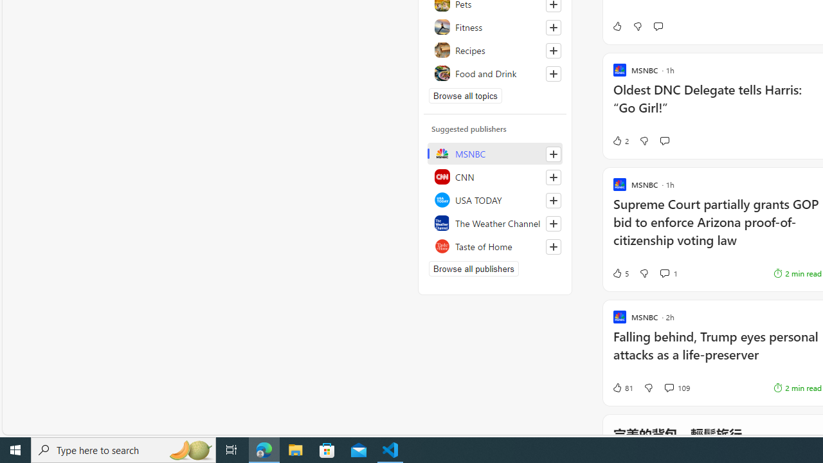 The height and width of the screenshot is (463, 823). I want to click on 'View comments 109 Comment', so click(676, 387).